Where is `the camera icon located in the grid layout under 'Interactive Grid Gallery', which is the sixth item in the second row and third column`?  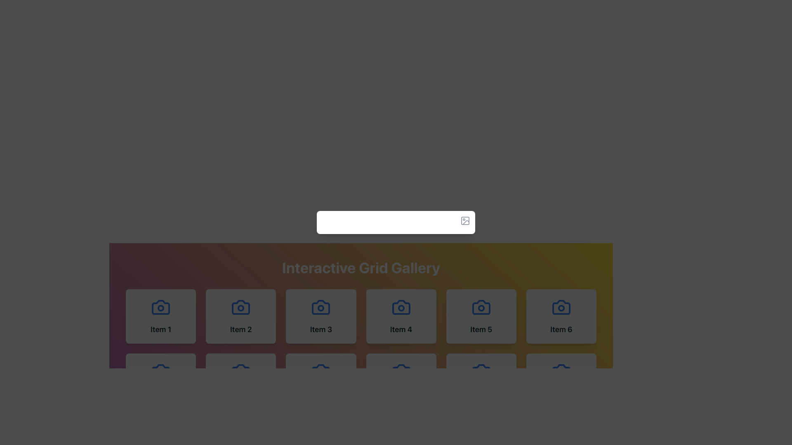
the camera icon located in the grid layout under 'Interactive Grid Gallery', which is the sixth item in the second row and third column is located at coordinates (561, 307).